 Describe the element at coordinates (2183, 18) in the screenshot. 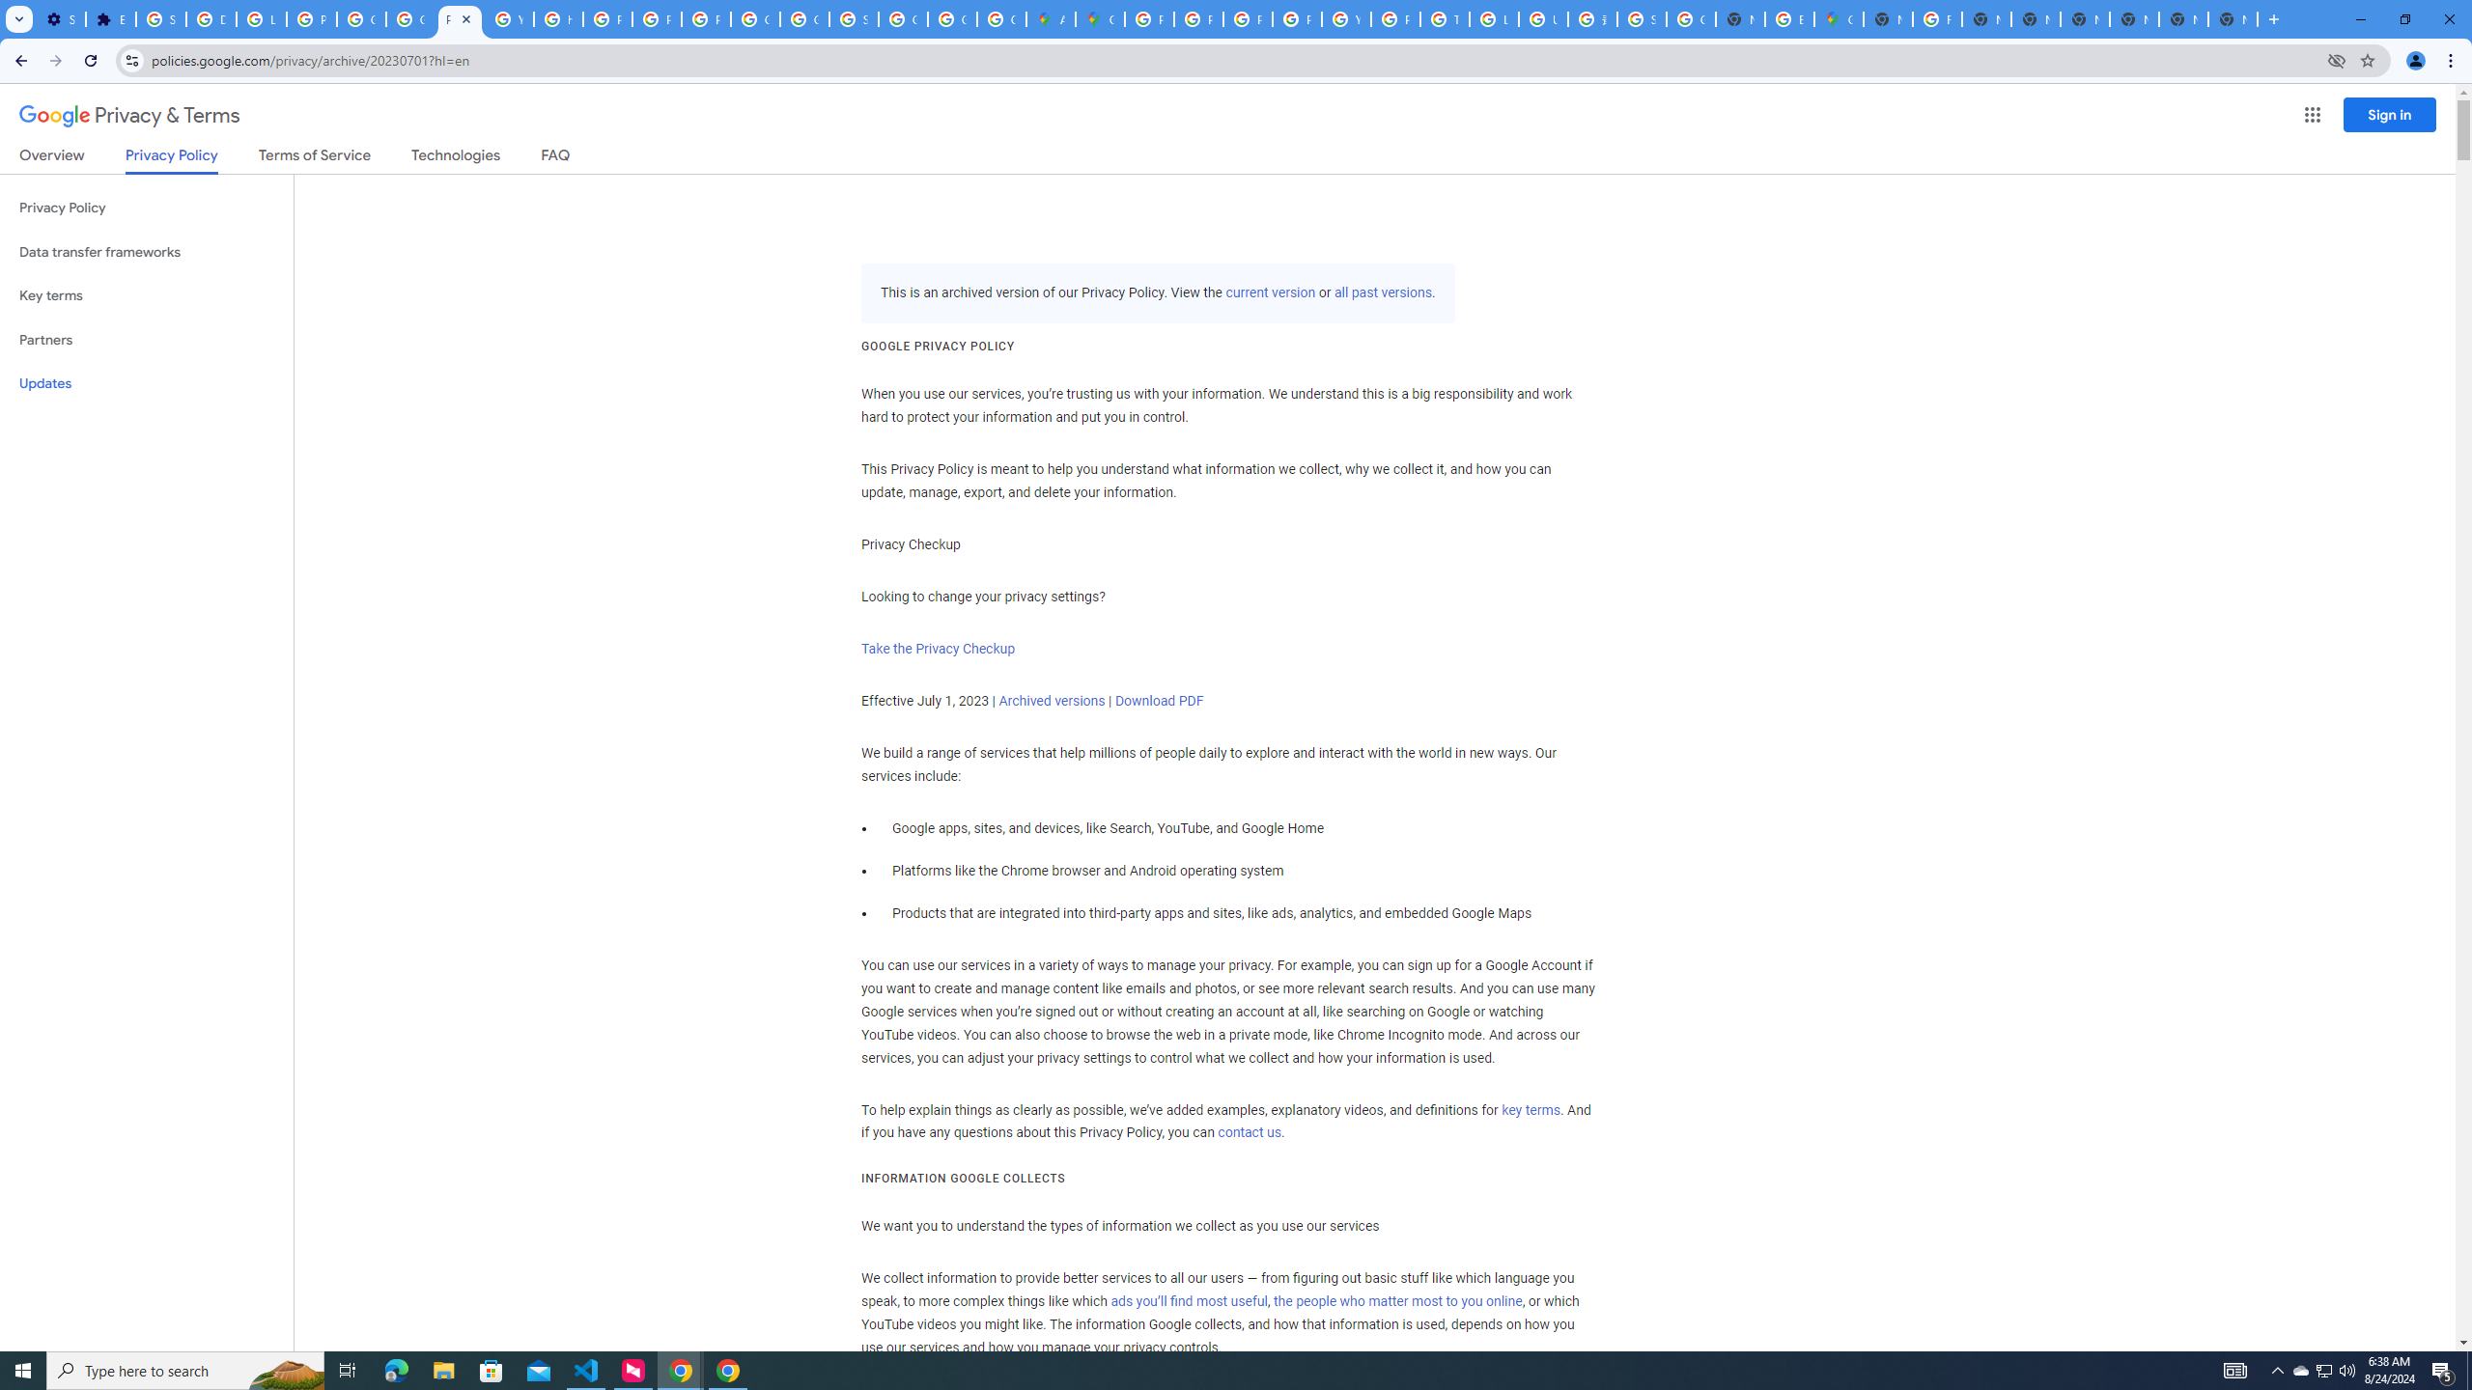

I see `'New Tab'` at that location.